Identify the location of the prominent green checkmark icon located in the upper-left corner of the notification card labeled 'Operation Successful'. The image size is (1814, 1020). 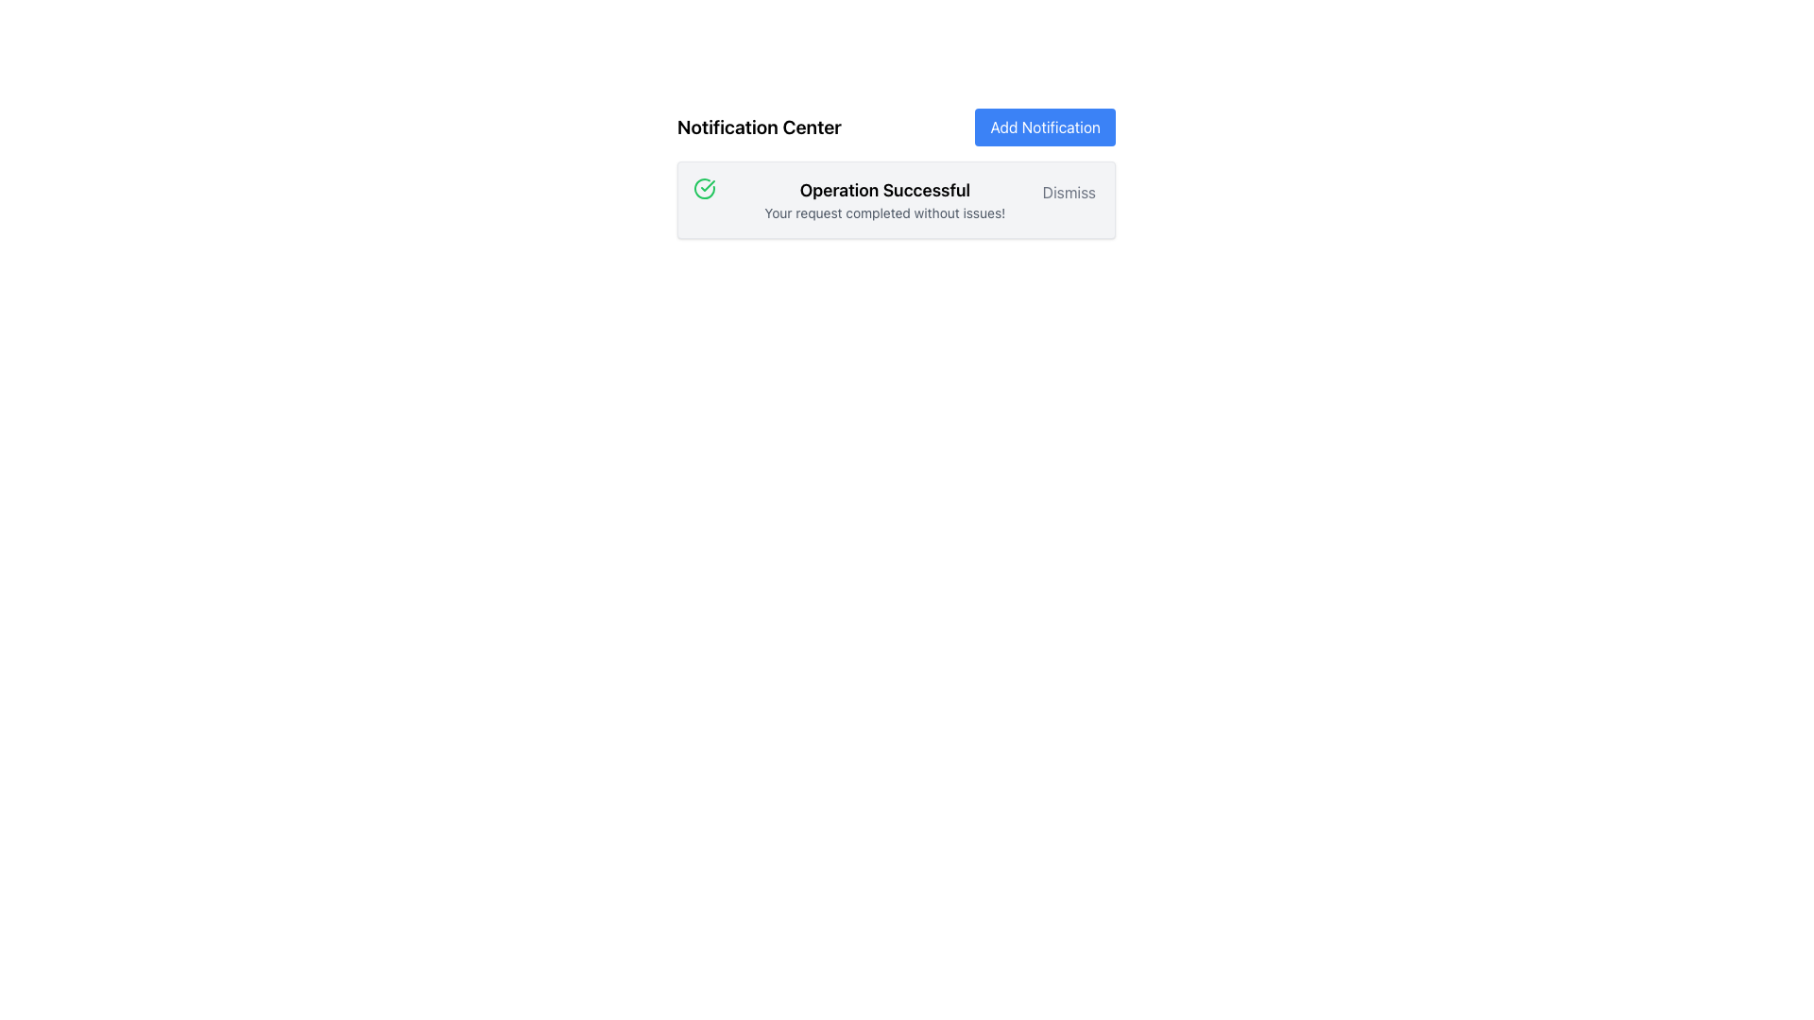
(707, 185).